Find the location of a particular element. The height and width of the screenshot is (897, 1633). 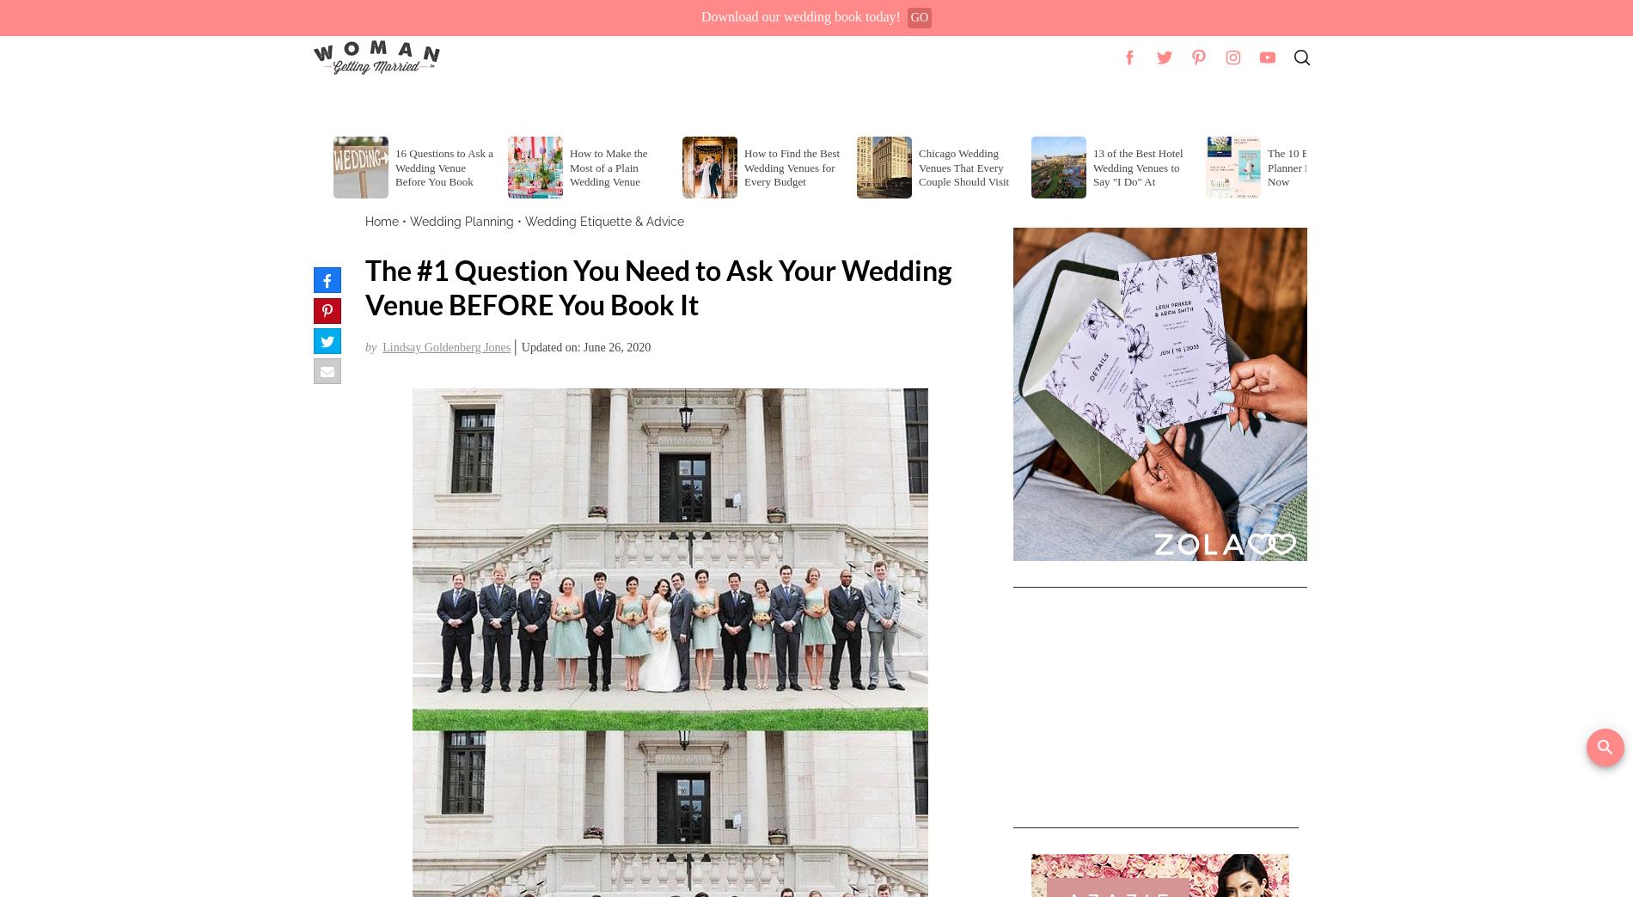

'The #1 Question You Need to Ask Your Wedding Venue BEFORE You Book It' is located at coordinates (657, 287).